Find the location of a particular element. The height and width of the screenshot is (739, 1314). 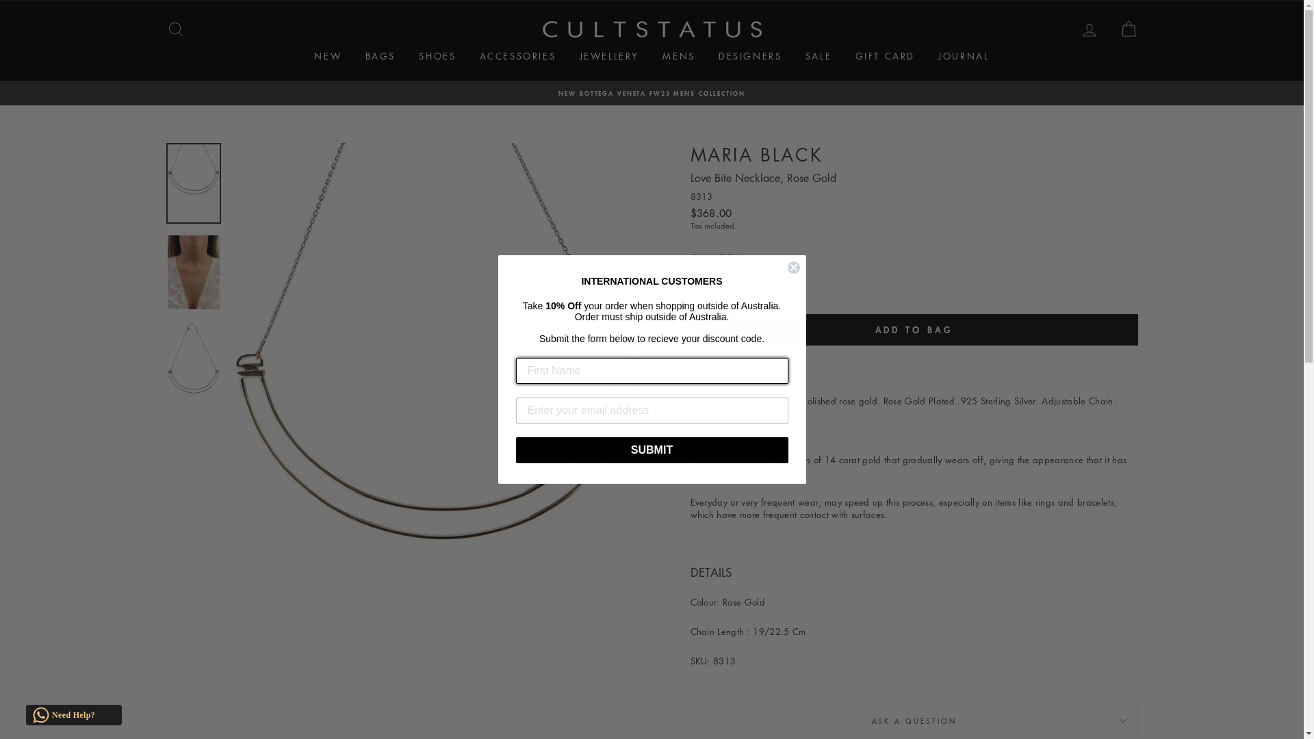

'JEWELLERY' is located at coordinates (569, 55).